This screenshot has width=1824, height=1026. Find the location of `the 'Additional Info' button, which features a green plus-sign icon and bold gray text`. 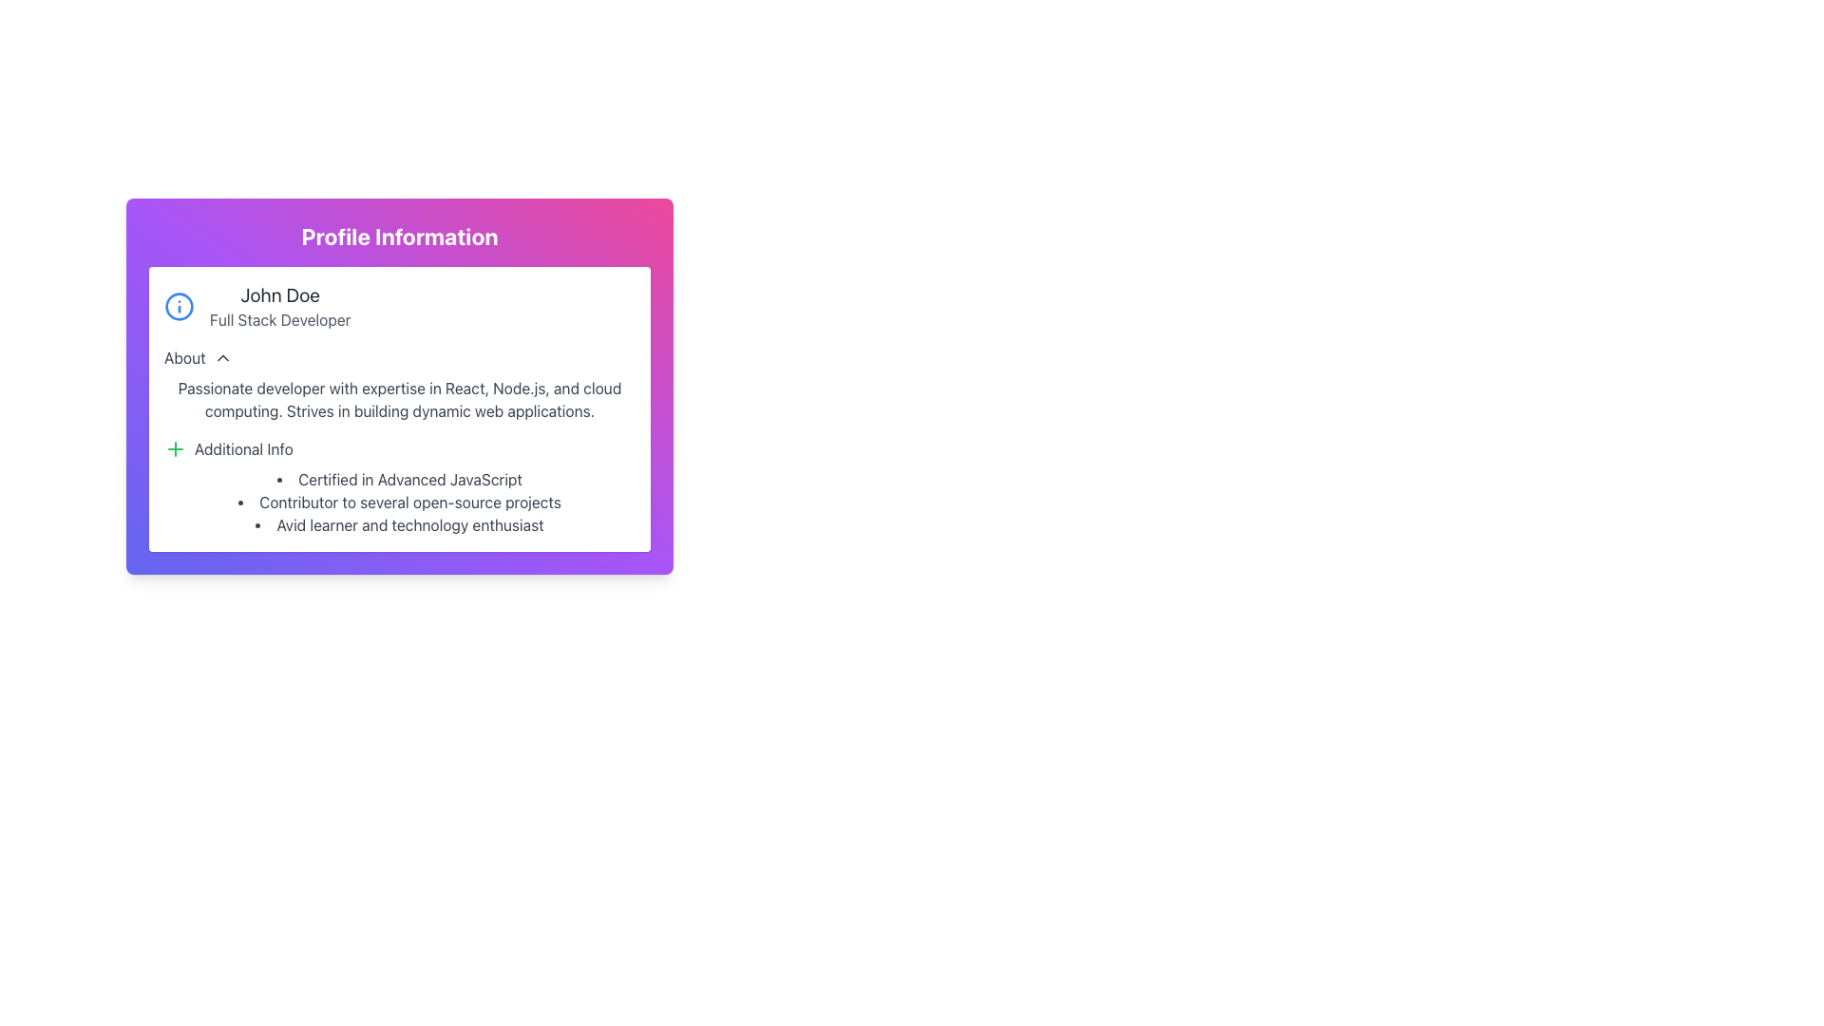

the 'Additional Info' button, which features a green plus-sign icon and bold gray text is located at coordinates (228, 449).